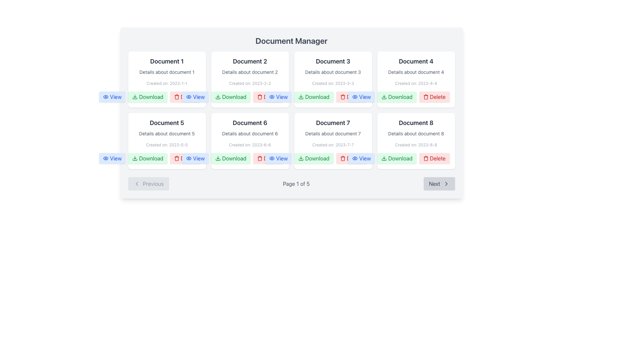  Describe the element at coordinates (176, 97) in the screenshot. I see `the delete icon button located below the document, which is the second interactive icon from the left in the control group` at that location.